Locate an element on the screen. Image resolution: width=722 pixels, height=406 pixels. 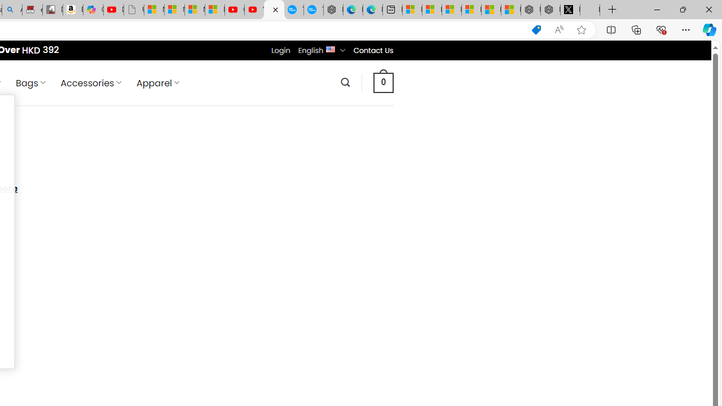
'Nordace - Nordace has arrived Hong Kong' is located at coordinates (332, 10).